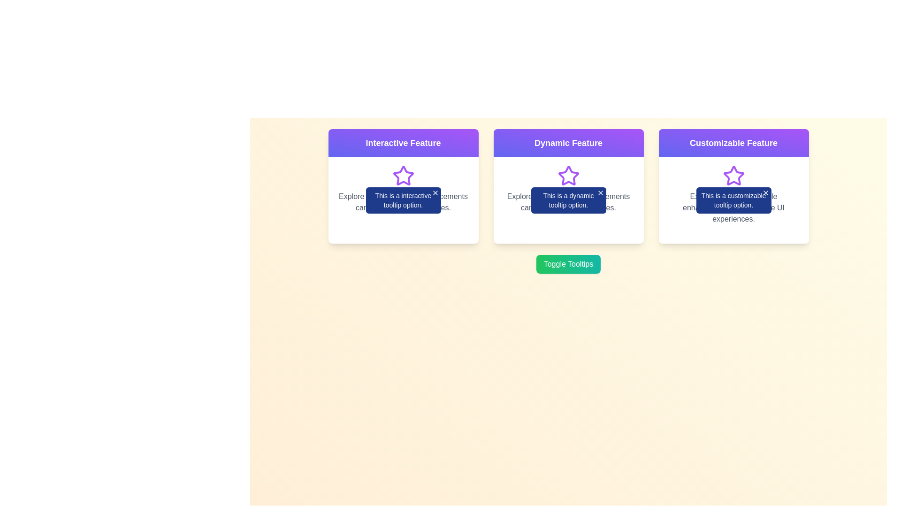 The height and width of the screenshot is (507, 901). I want to click on the tooltip of the 'Interactive Feature' card, which is displayed in a blue box and provides additional information, so click(403, 186).